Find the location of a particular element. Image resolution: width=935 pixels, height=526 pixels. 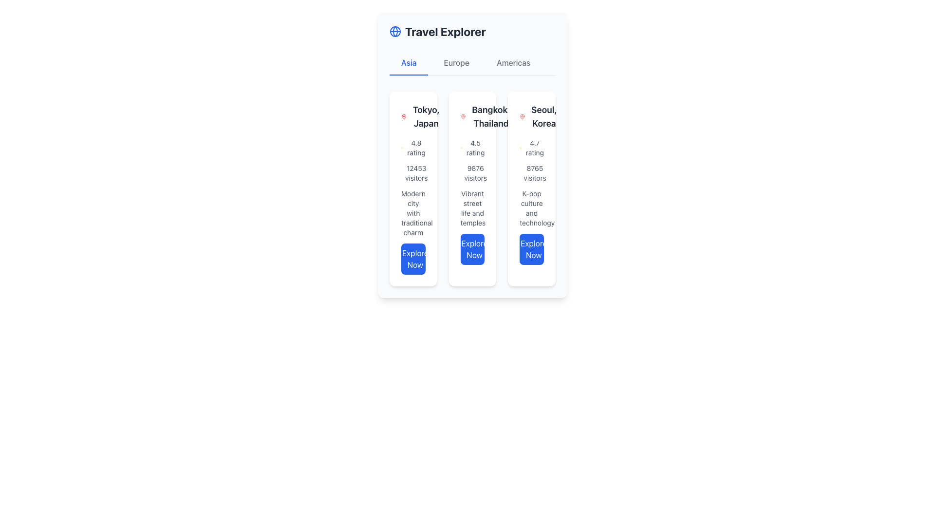

the text label 'Seoul, Korea' which is styled with bold font and a large size, accompanied by a red map pin icon, located in the third column of the destination cards under the 'Asia' tab of the 'Travel Explorer' interface, and navigate is located at coordinates (539, 116).